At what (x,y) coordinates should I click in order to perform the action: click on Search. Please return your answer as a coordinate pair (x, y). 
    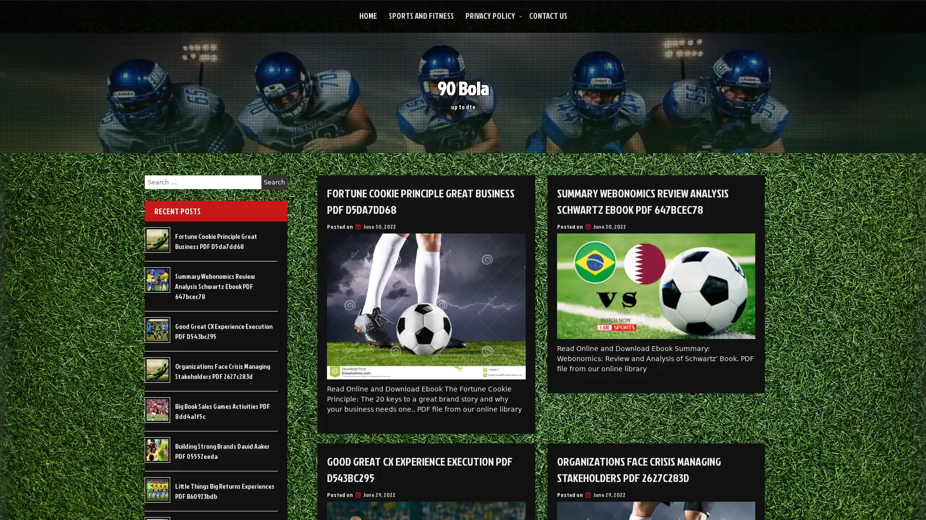
    Looking at the image, I should click on (274, 182).